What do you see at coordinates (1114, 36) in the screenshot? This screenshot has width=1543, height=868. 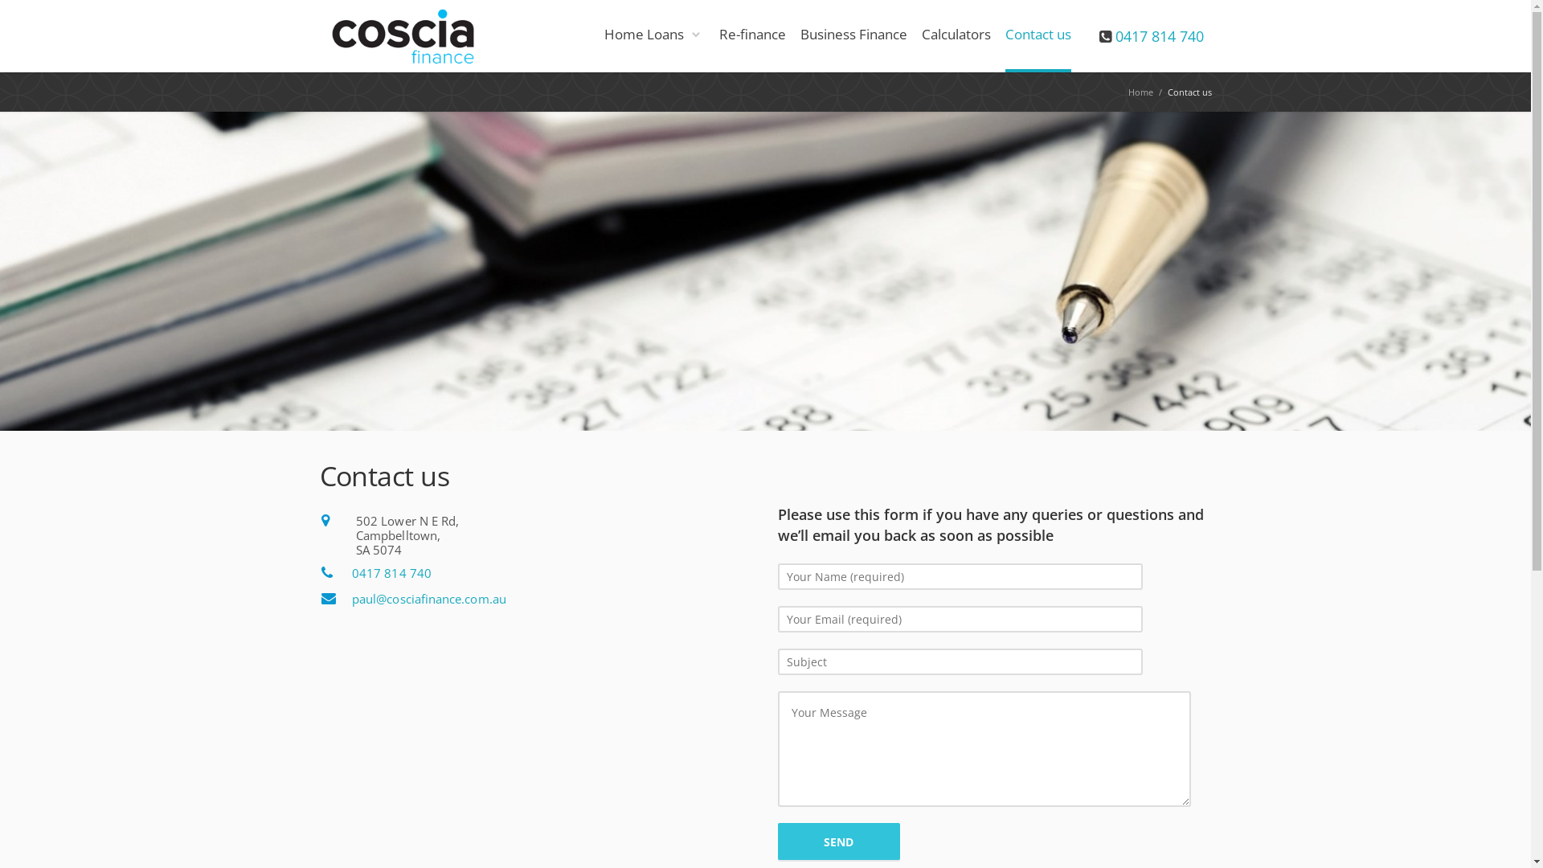 I see `'0417 814 740'` at bounding box center [1114, 36].